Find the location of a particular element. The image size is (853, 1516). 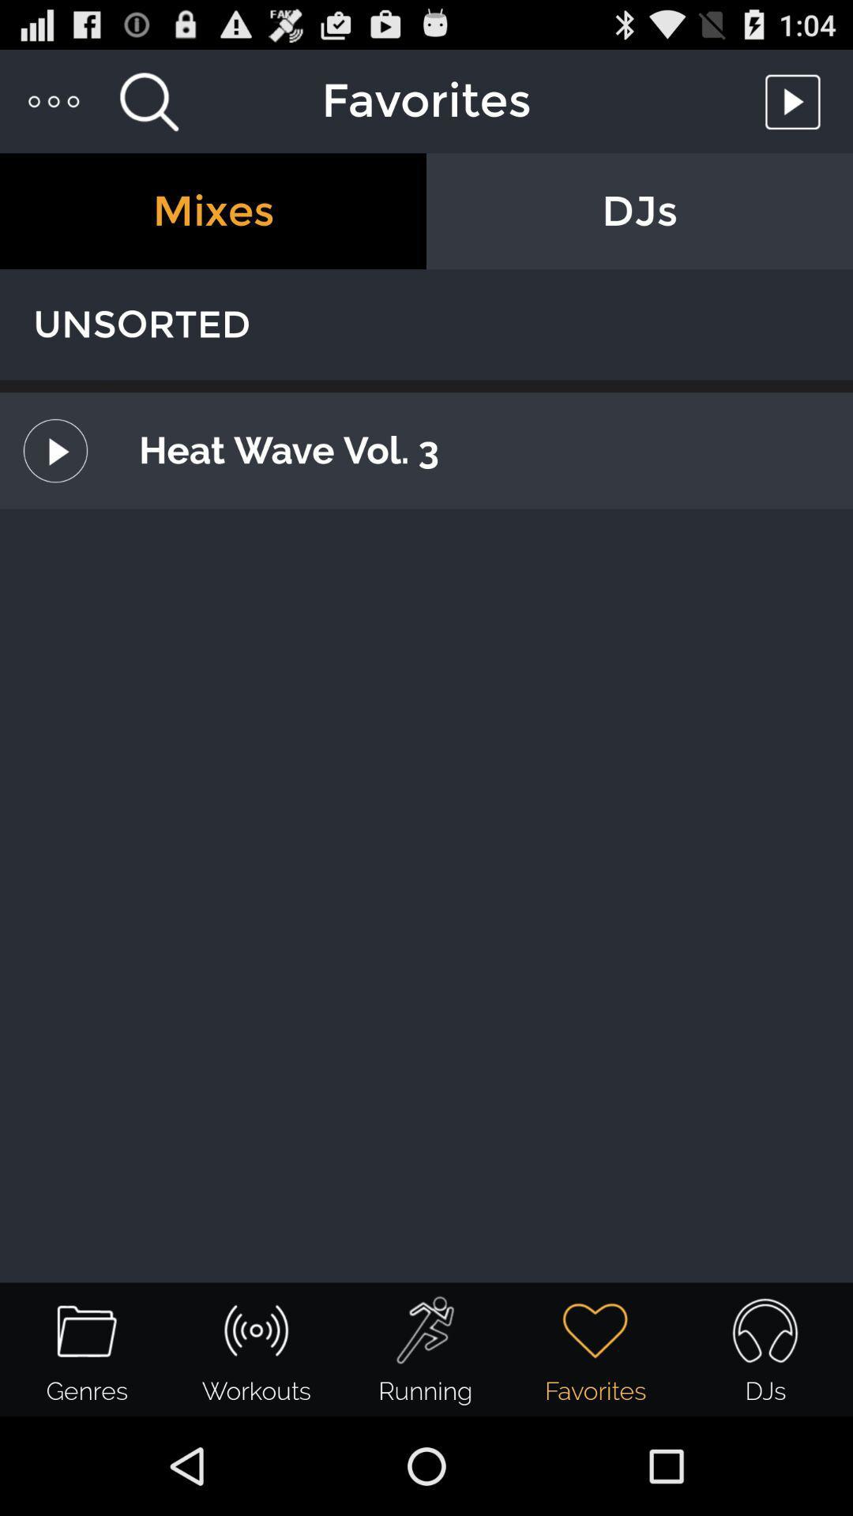

icon to the left of heat wave vol item is located at coordinates (54, 450).